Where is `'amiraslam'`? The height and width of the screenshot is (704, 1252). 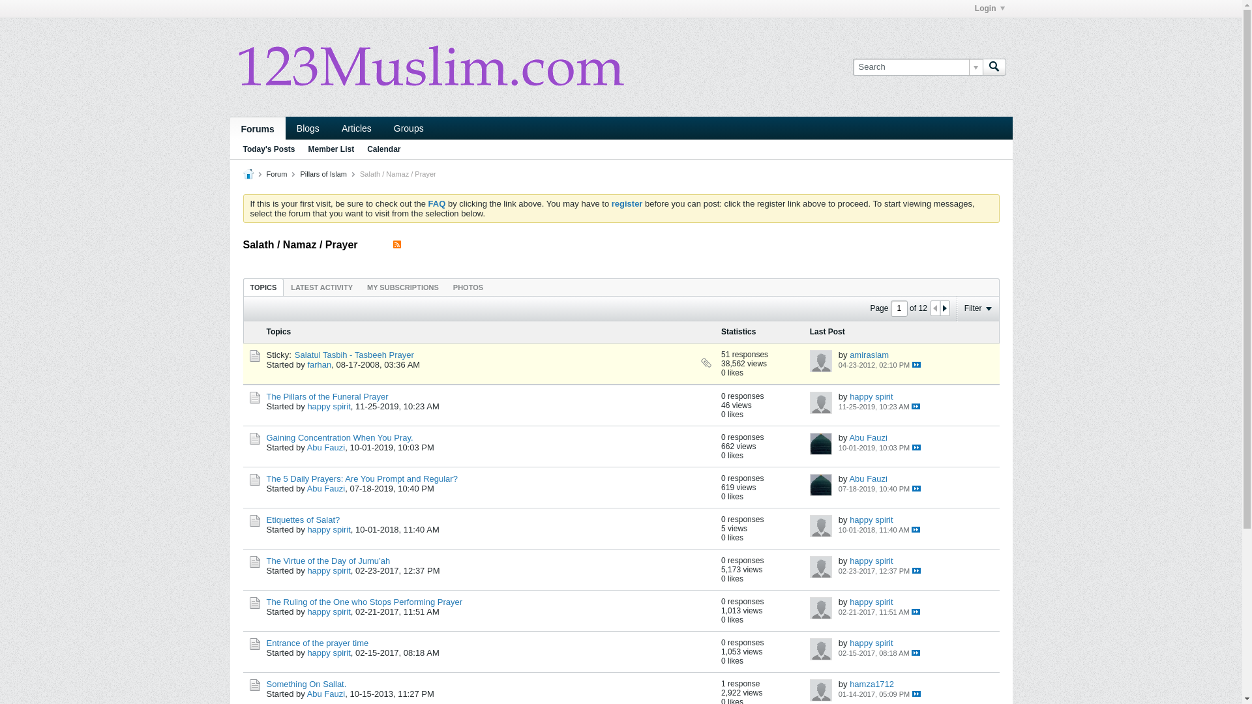
'amiraslam' is located at coordinates (820, 361).